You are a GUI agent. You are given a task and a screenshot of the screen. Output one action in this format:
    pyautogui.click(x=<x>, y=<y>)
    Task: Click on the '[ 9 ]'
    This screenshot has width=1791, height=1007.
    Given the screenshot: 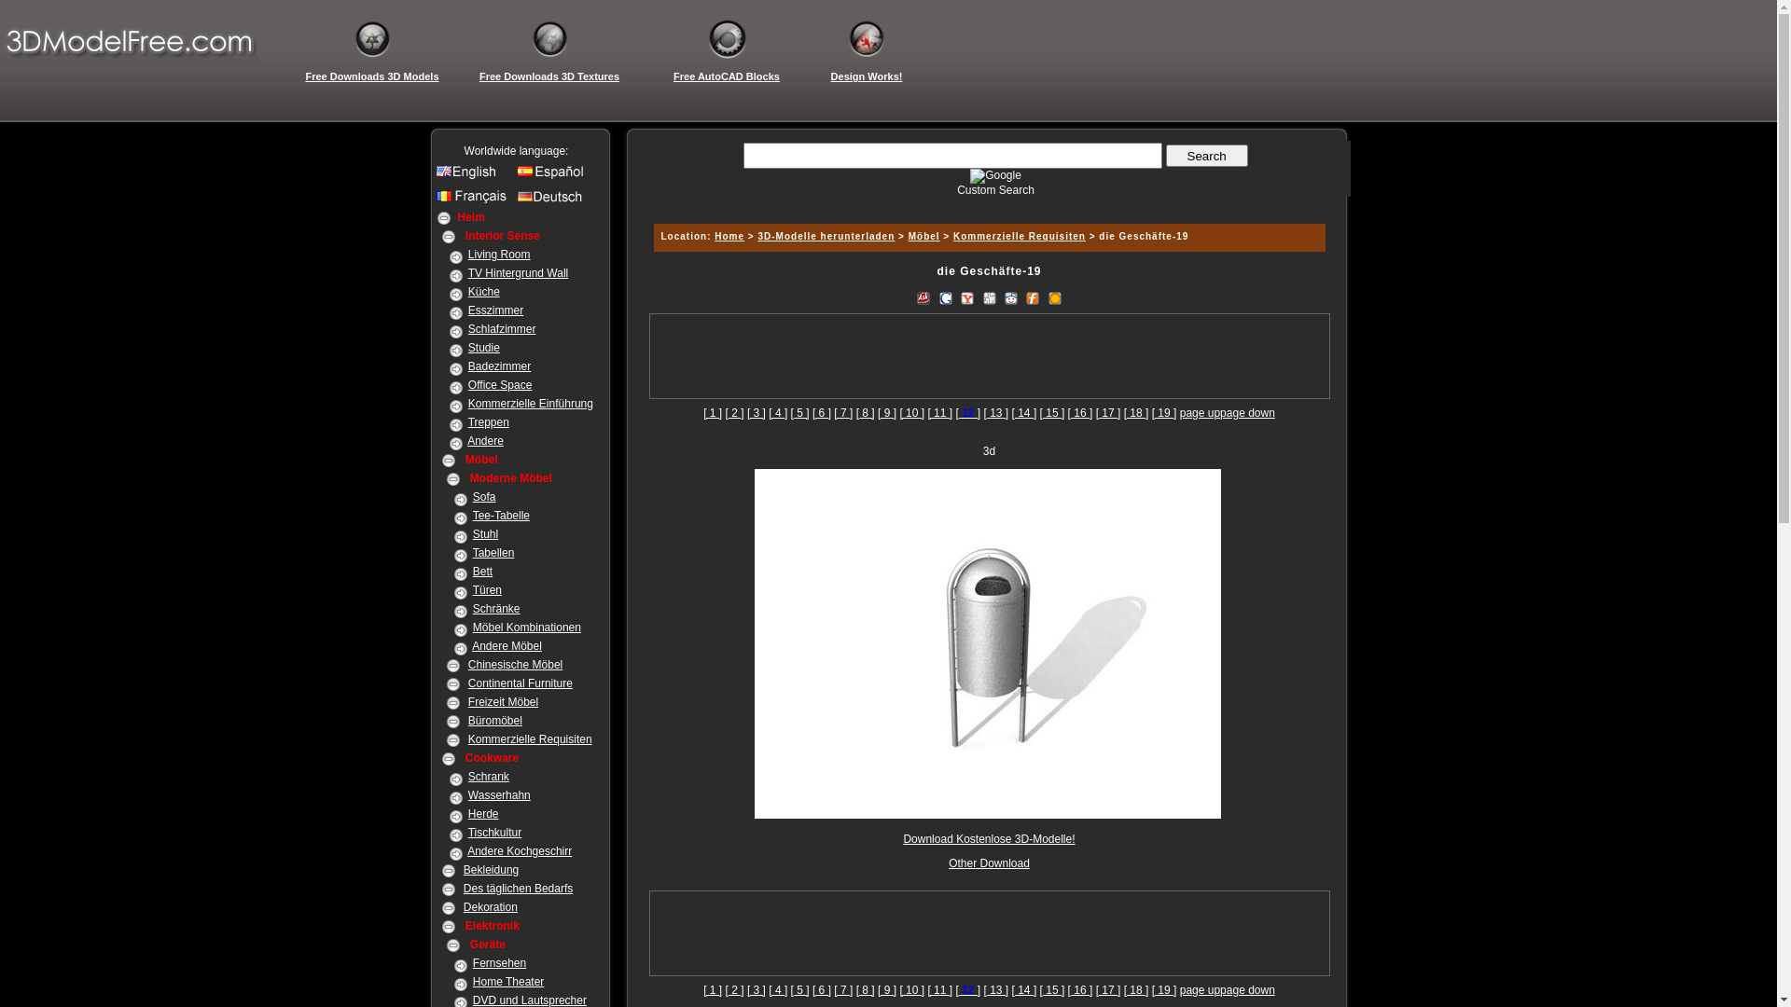 What is the action you would take?
    pyautogui.click(x=885, y=412)
    